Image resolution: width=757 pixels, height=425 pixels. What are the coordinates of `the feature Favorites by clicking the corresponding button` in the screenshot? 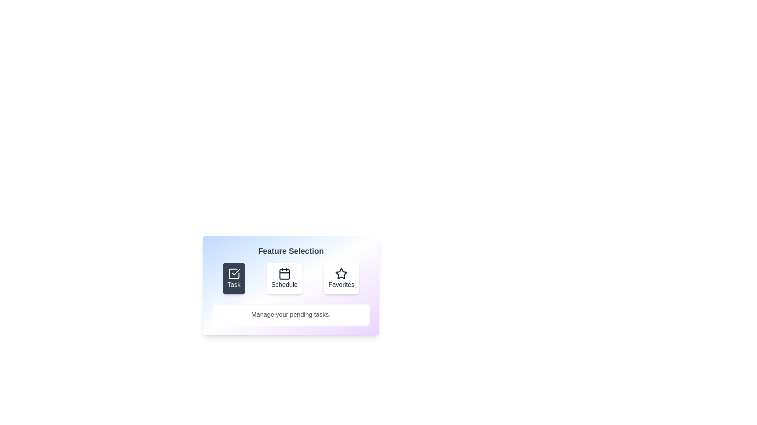 It's located at (341, 278).